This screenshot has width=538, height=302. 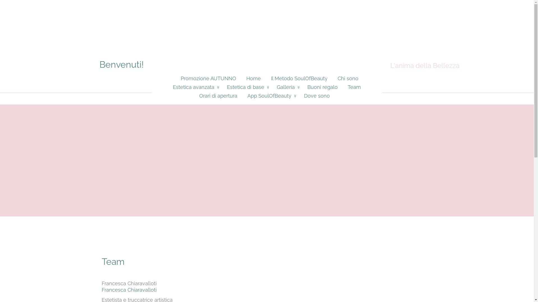 What do you see at coordinates (265, 78) in the screenshot?
I see `'Il Metodo SoulOfBeauty'` at bounding box center [265, 78].